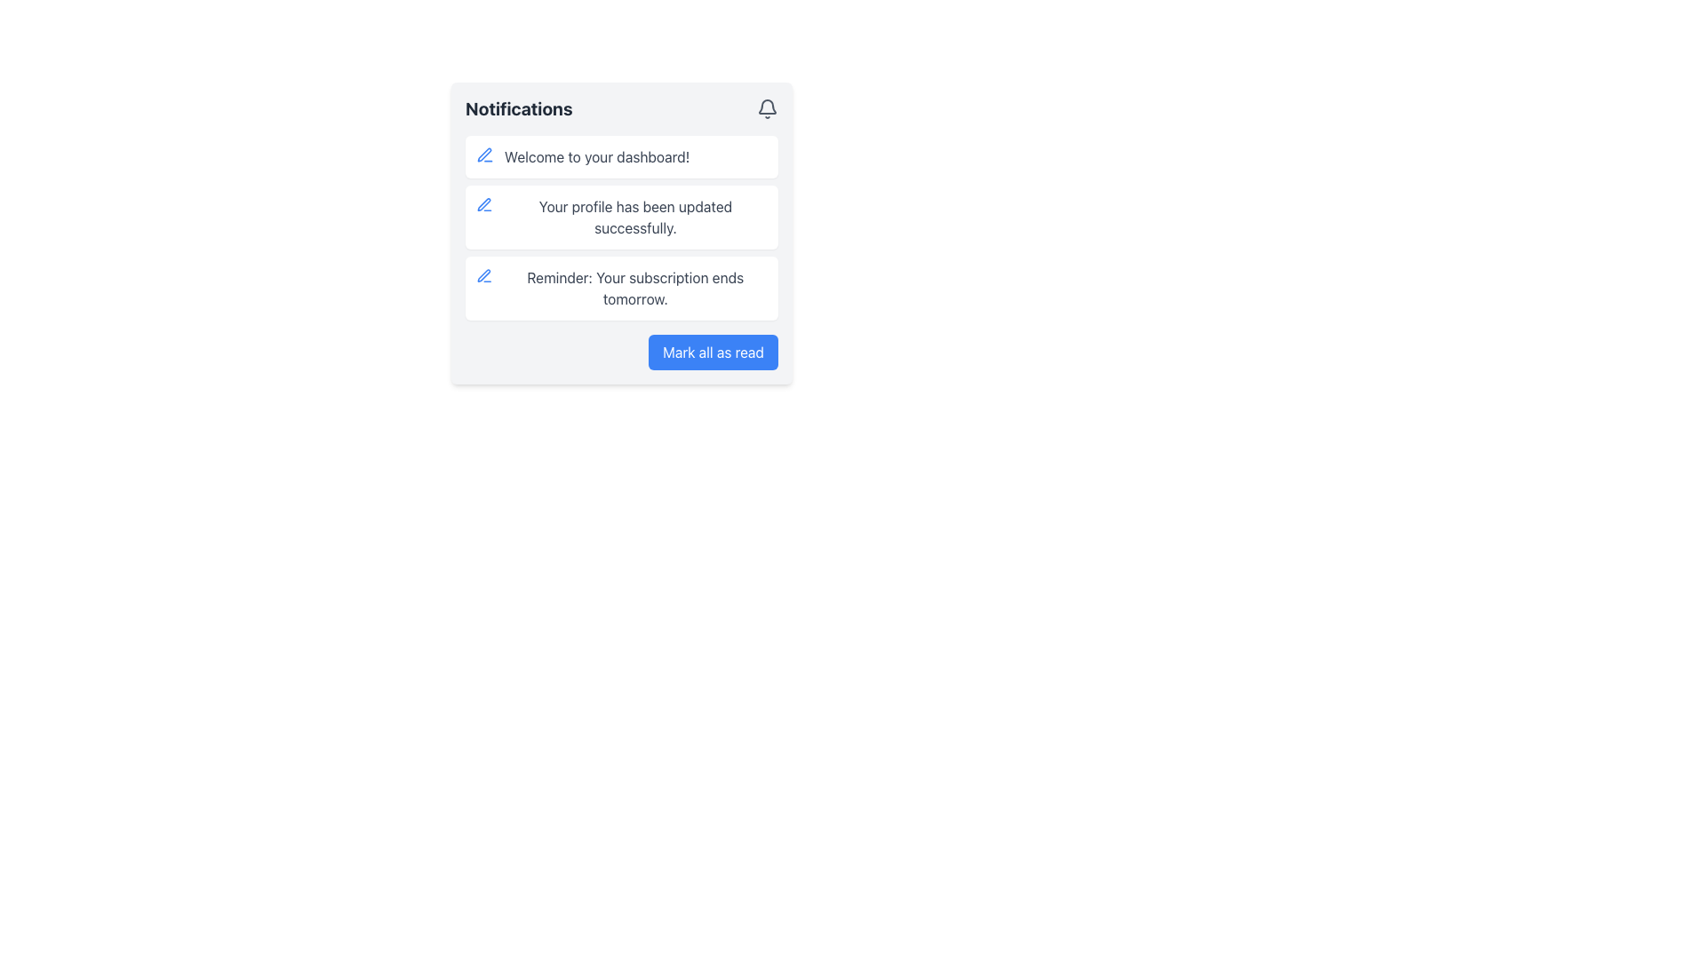 The height and width of the screenshot is (959, 1706). What do you see at coordinates (483, 275) in the screenshot?
I see `the first icon in the topmost notification item, which represents an action related to editing or marking` at bounding box center [483, 275].